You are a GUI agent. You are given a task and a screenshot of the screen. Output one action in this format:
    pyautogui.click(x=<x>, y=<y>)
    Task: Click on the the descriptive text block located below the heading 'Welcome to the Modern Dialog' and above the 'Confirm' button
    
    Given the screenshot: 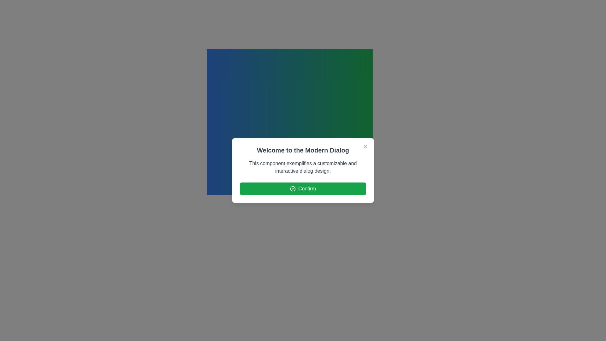 What is the action you would take?
    pyautogui.click(x=303, y=167)
    